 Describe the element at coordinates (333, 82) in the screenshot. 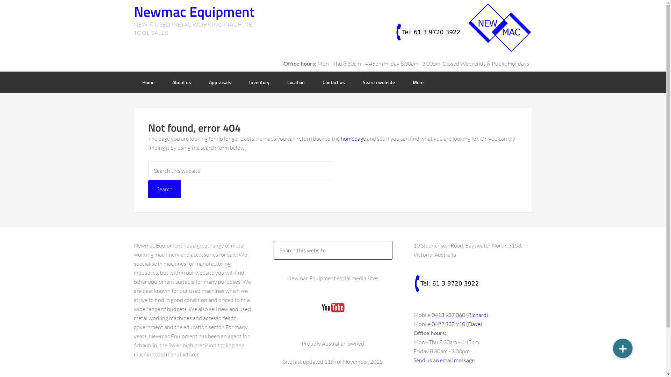

I see `'Contact us'` at that location.